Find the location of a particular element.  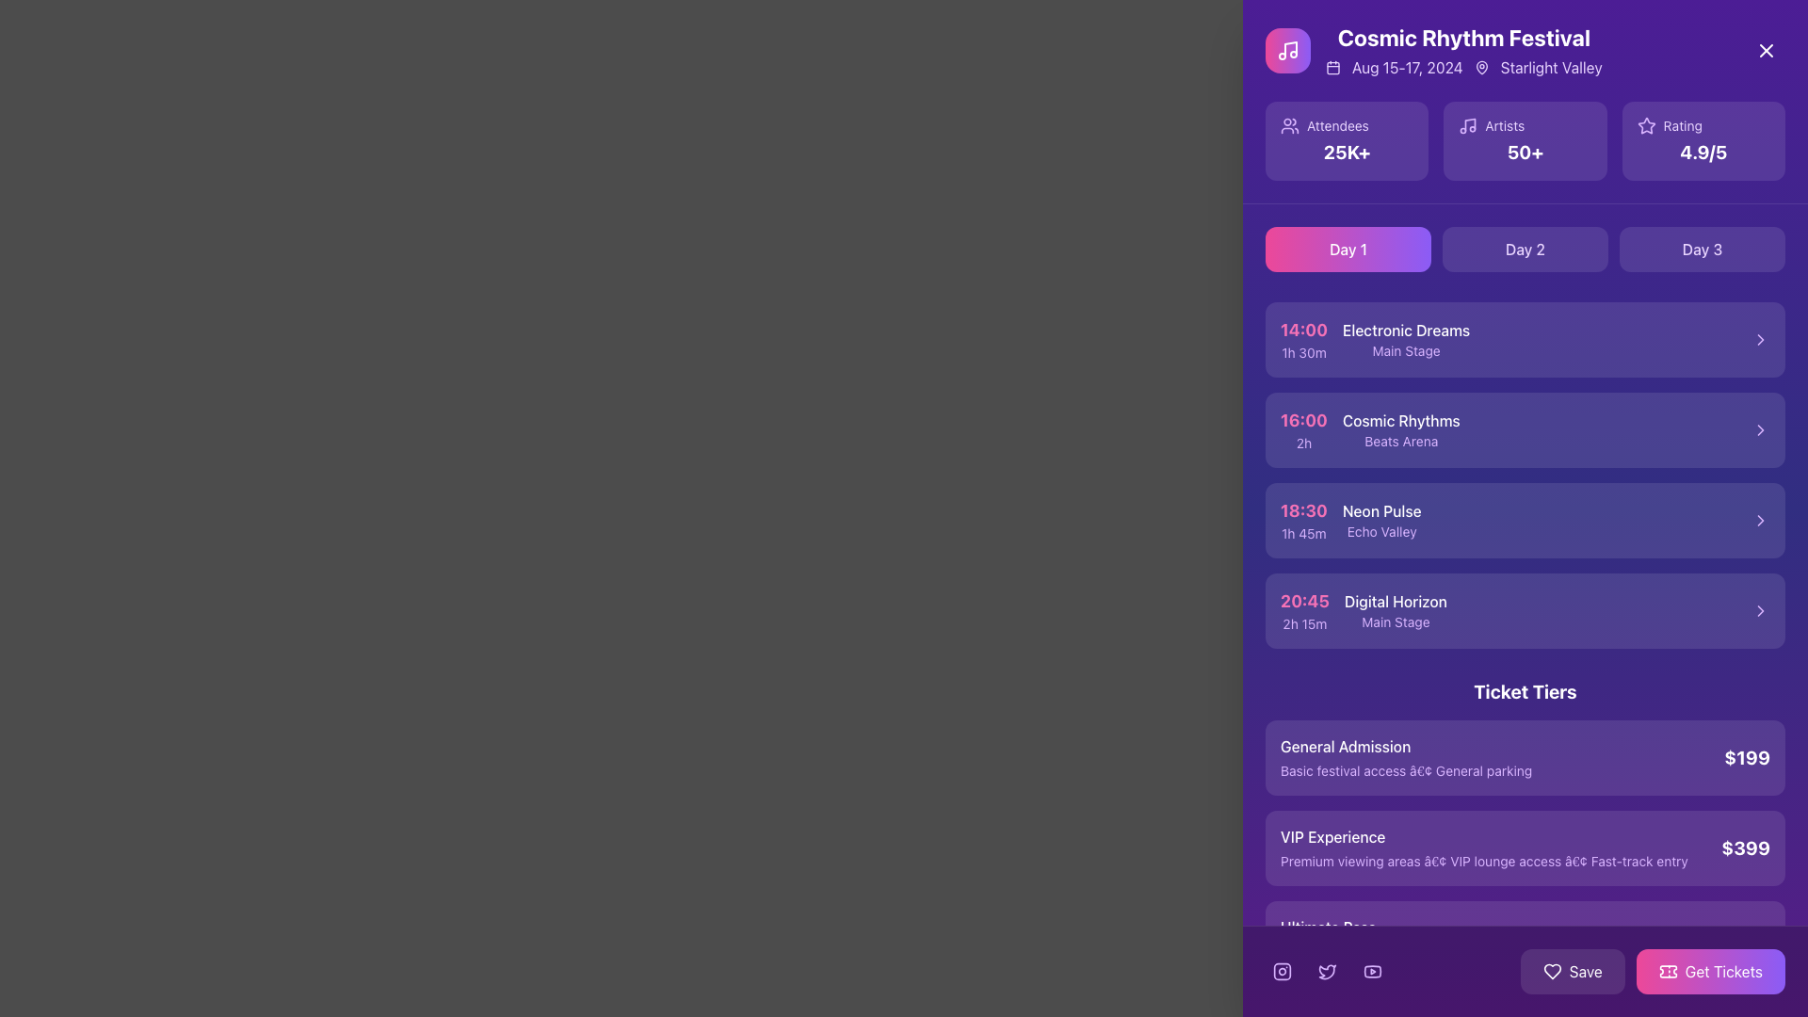

the text element styled in a small purple font that reads 'Artists', located in the purple-themed section under the 'Cosmic Rhythm Festival' header is located at coordinates (1504, 126).